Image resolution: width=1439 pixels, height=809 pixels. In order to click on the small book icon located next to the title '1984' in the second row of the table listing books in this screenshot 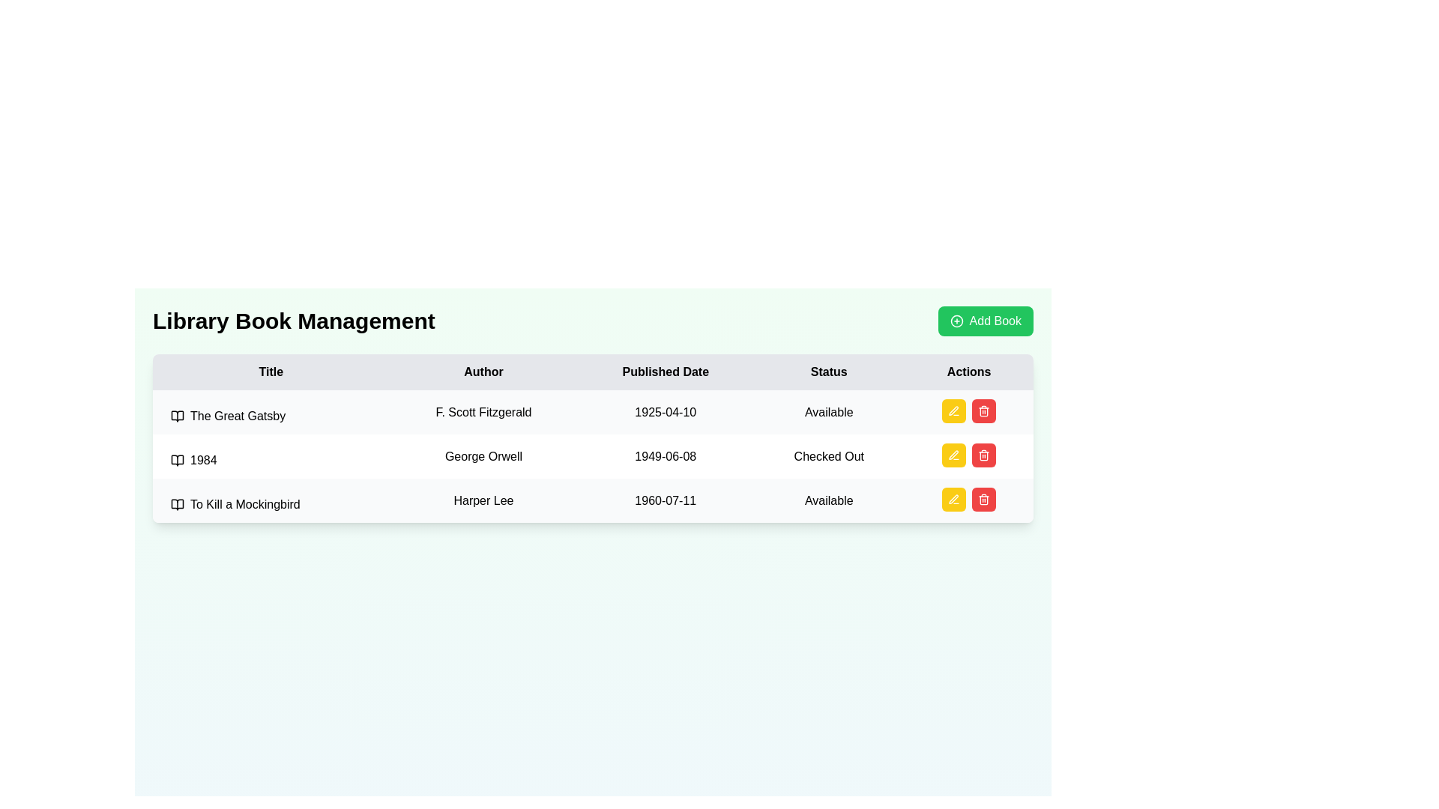, I will do `click(177, 459)`.